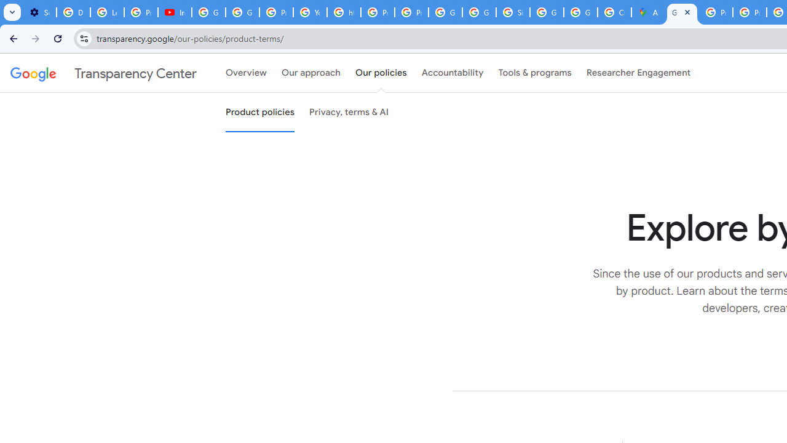 This screenshot has height=443, width=787. I want to click on 'Google Account Help', so click(208, 12).